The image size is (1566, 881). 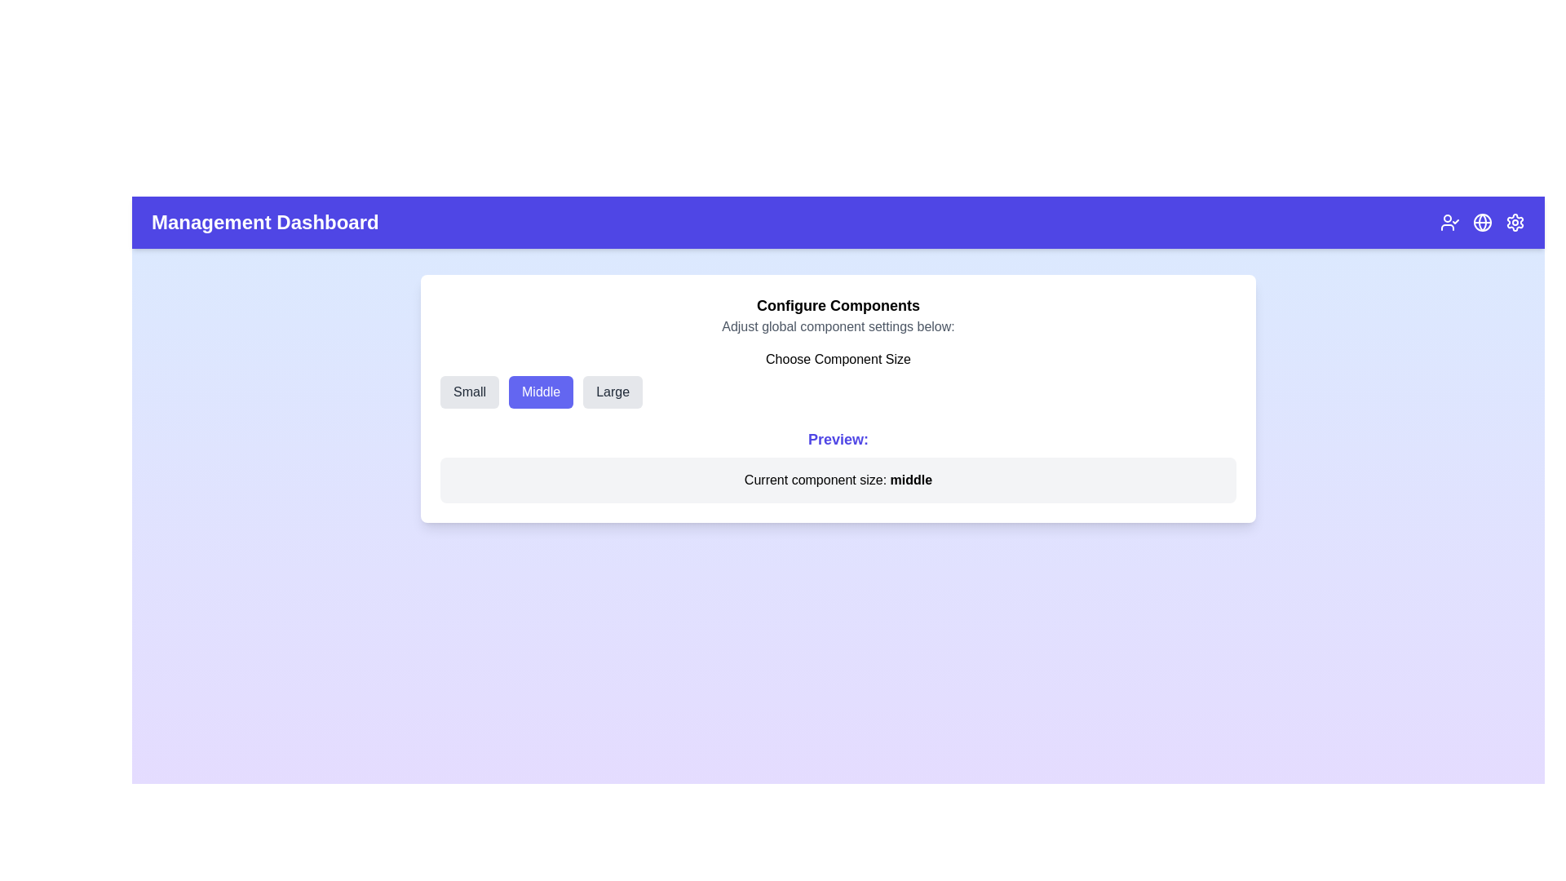 I want to click on the Text block that serves as a header with a subtitle, providing context about configuring global component settings, so click(x=838, y=315).